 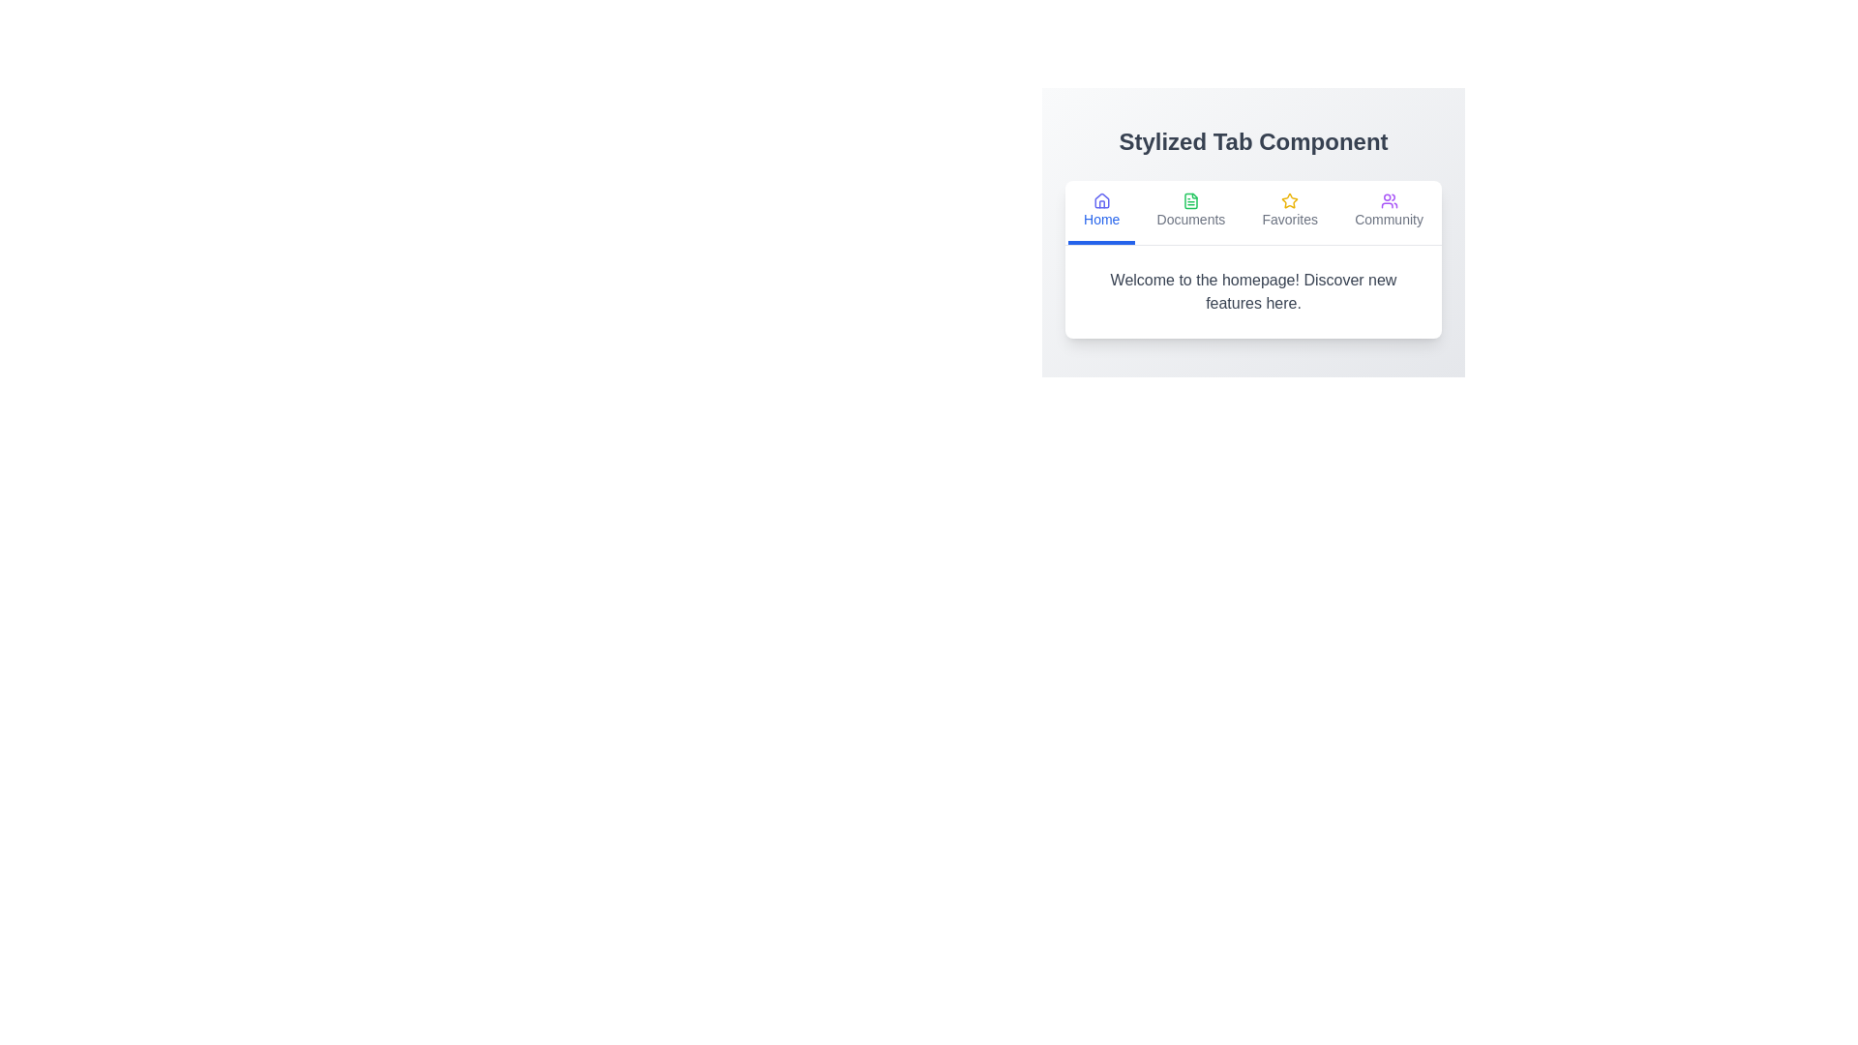 What do you see at coordinates (1388, 201) in the screenshot?
I see `the 'Community' tab icon located in the top navigation bar` at bounding box center [1388, 201].